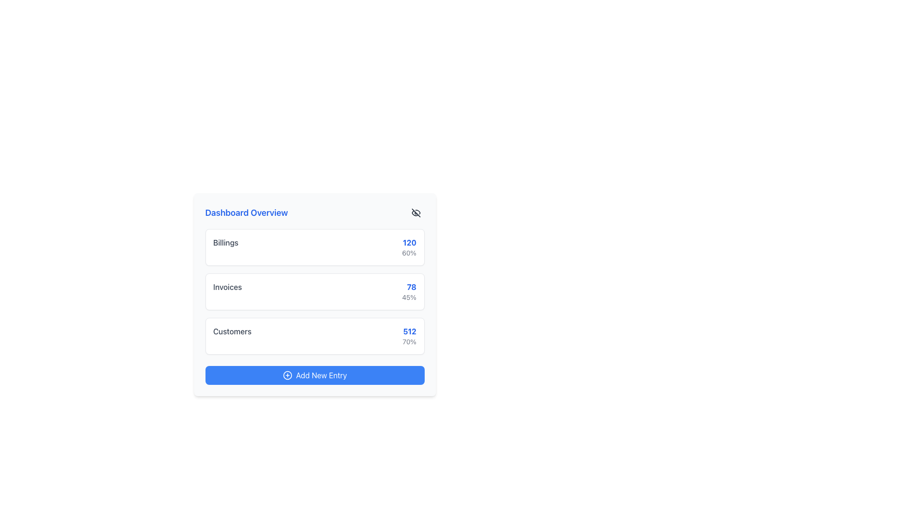 The image size is (907, 510). What do you see at coordinates (287, 374) in the screenshot?
I see `the circular icon with a blue border and a plus sign, located to the left of the 'Add New Entry' button` at bounding box center [287, 374].